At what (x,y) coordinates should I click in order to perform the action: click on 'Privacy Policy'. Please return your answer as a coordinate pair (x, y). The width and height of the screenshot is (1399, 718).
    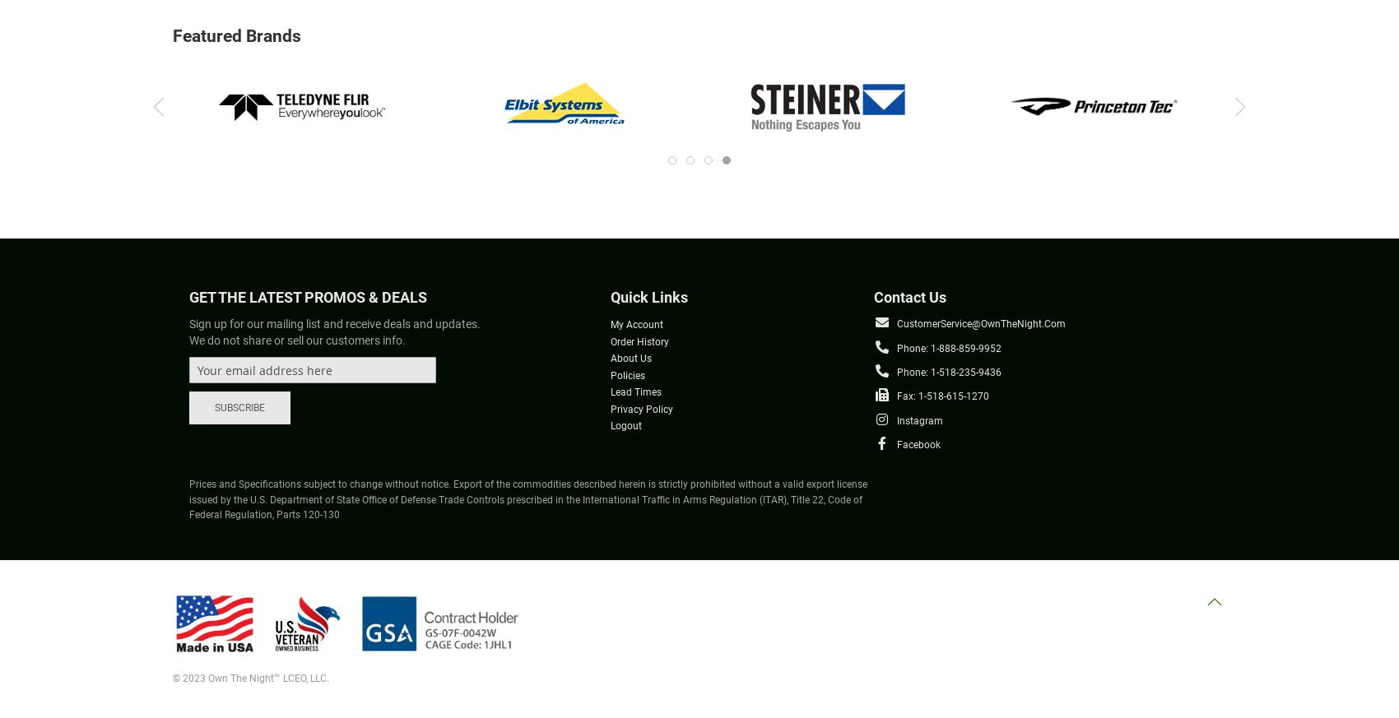
    Looking at the image, I should click on (611, 408).